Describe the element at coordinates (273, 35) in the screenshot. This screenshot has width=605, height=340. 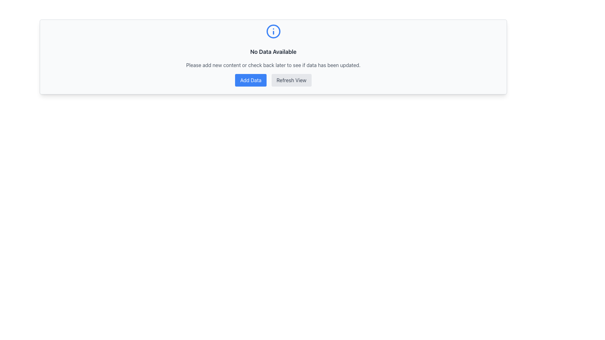
I see `the small circular blue-bordered icon with an 'i' symbol, which is located at the top-center of the panel above the 'No Data Available' heading` at that location.